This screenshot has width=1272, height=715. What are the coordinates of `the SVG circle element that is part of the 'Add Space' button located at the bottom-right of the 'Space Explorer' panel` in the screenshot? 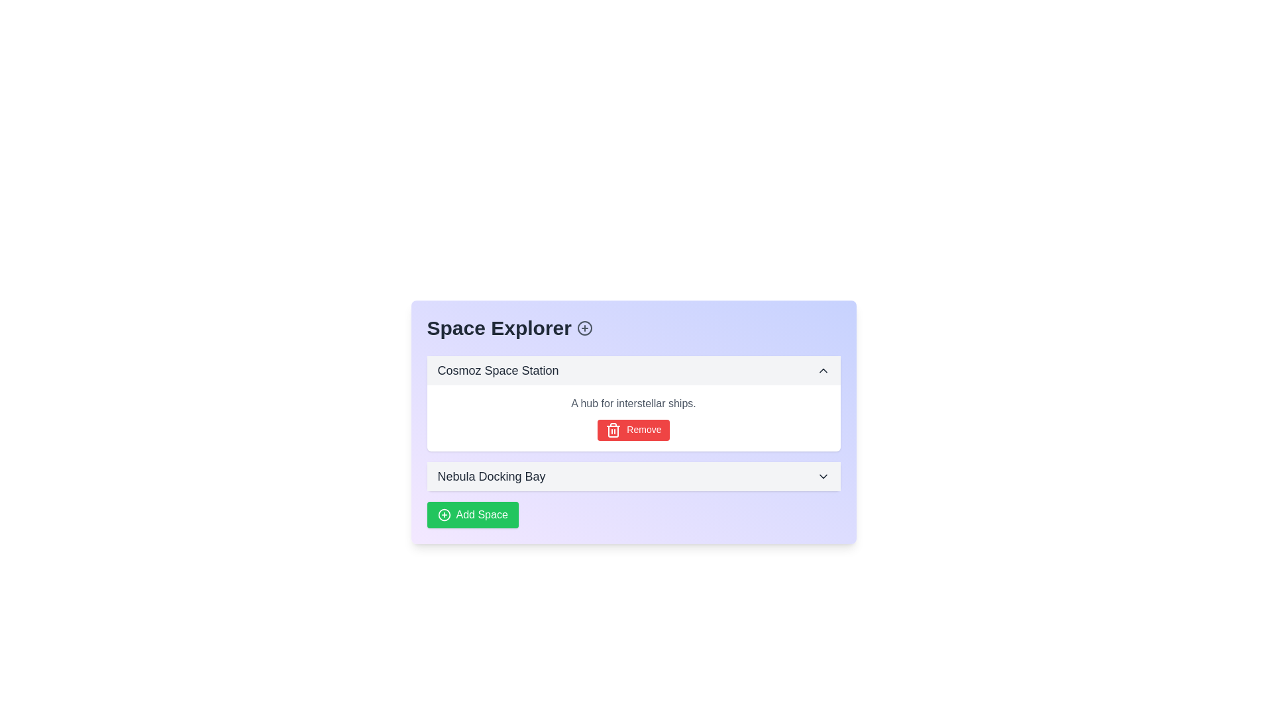 It's located at (444, 514).